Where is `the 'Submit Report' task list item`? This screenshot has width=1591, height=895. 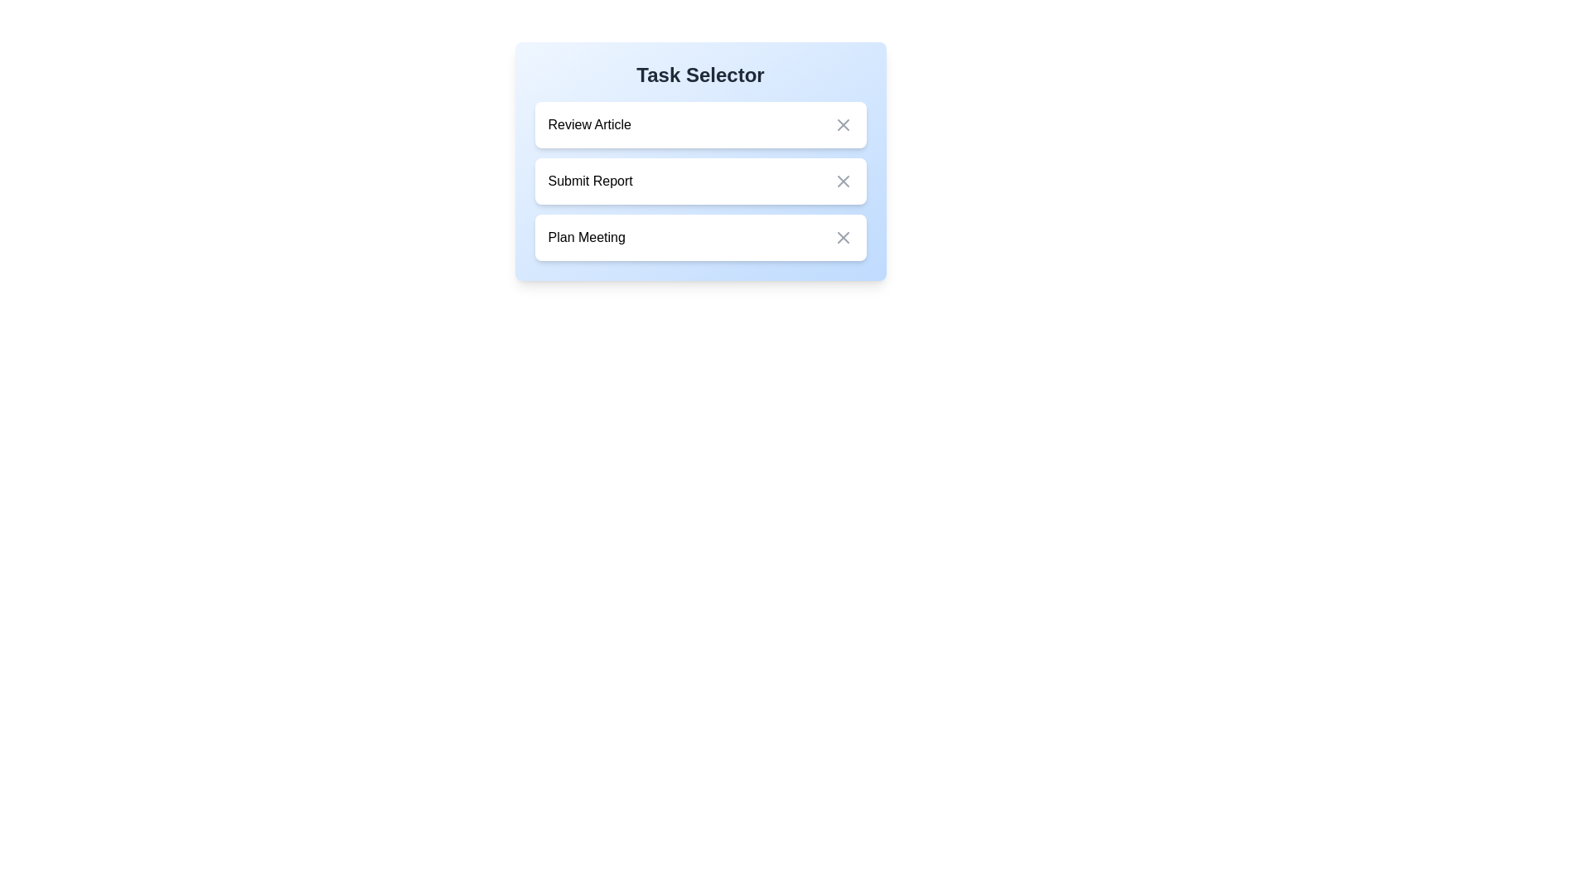 the 'Submit Report' task list item is located at coordinates (700, 181).